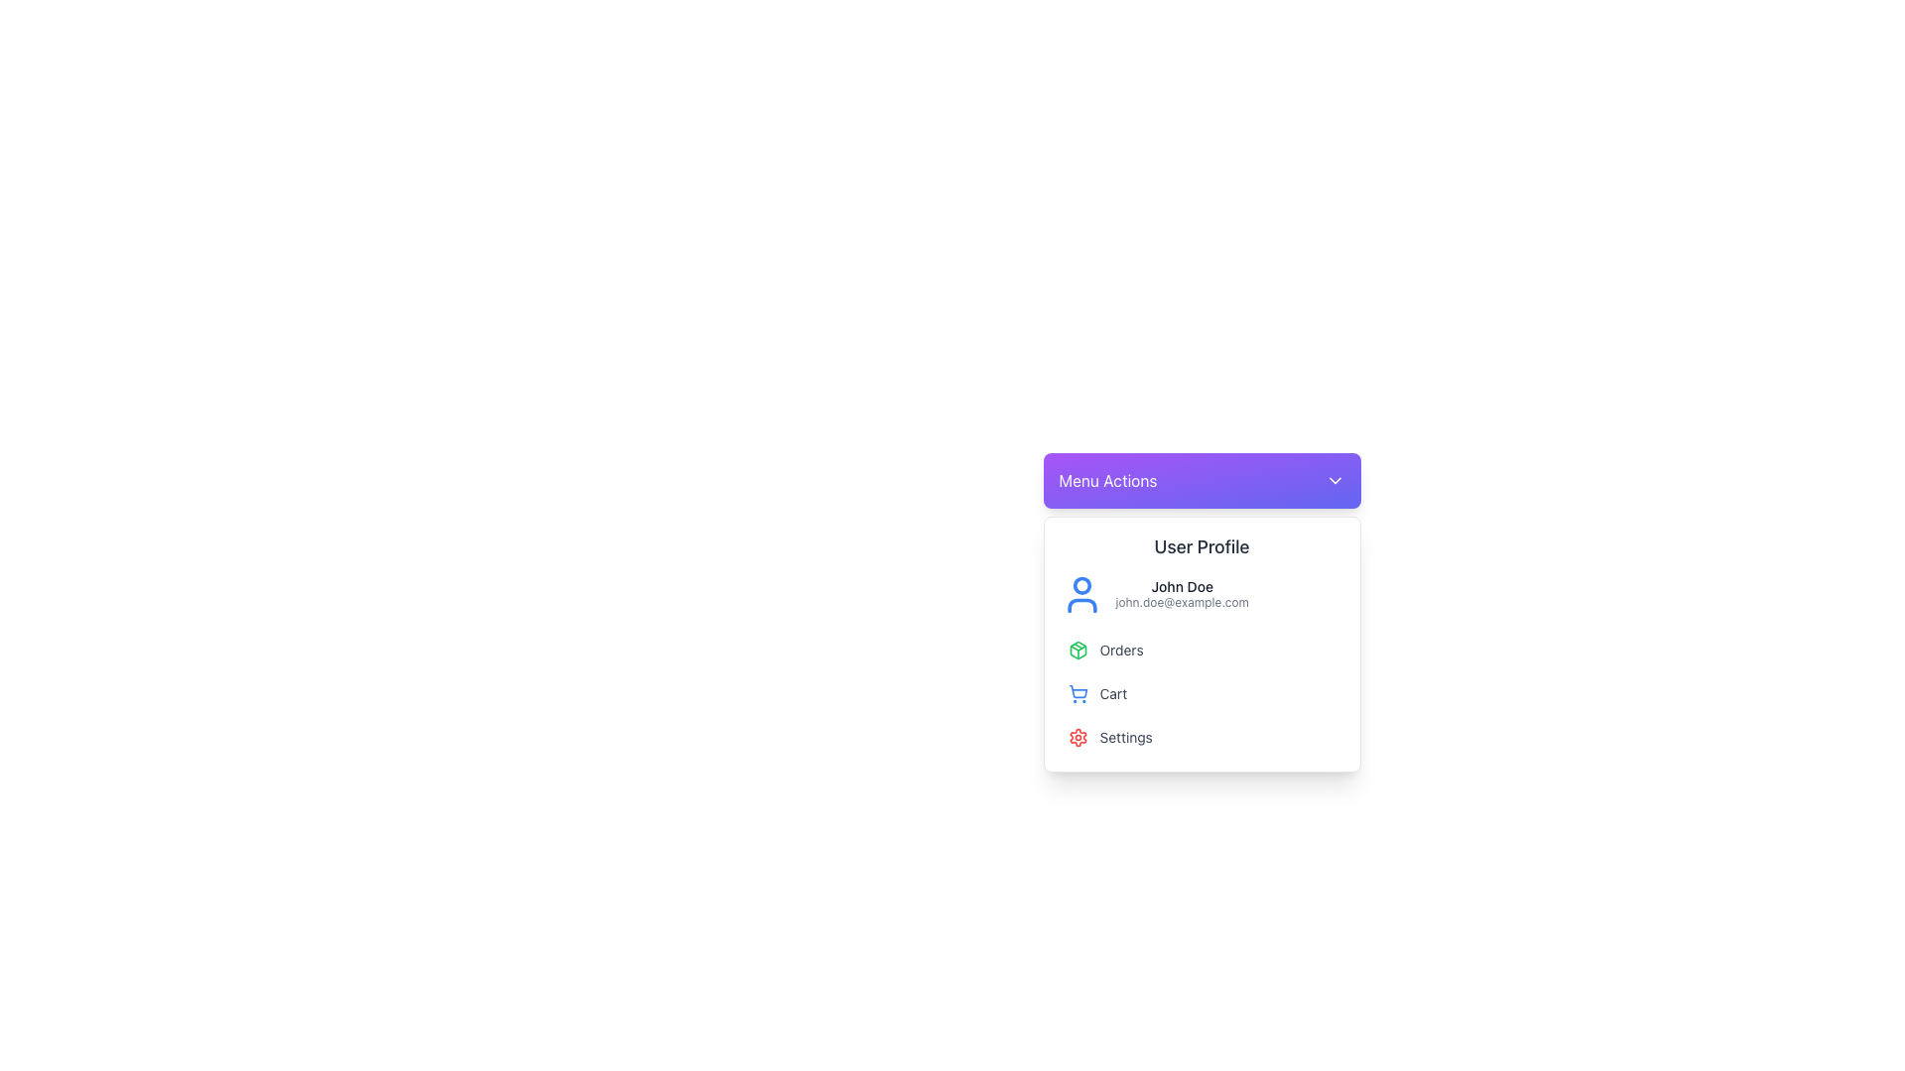 Image resolution: width=1905 pixels, height=1071 pixels. I want to click on the first menu item in the 'User Profile' section, so click(1201, 650).